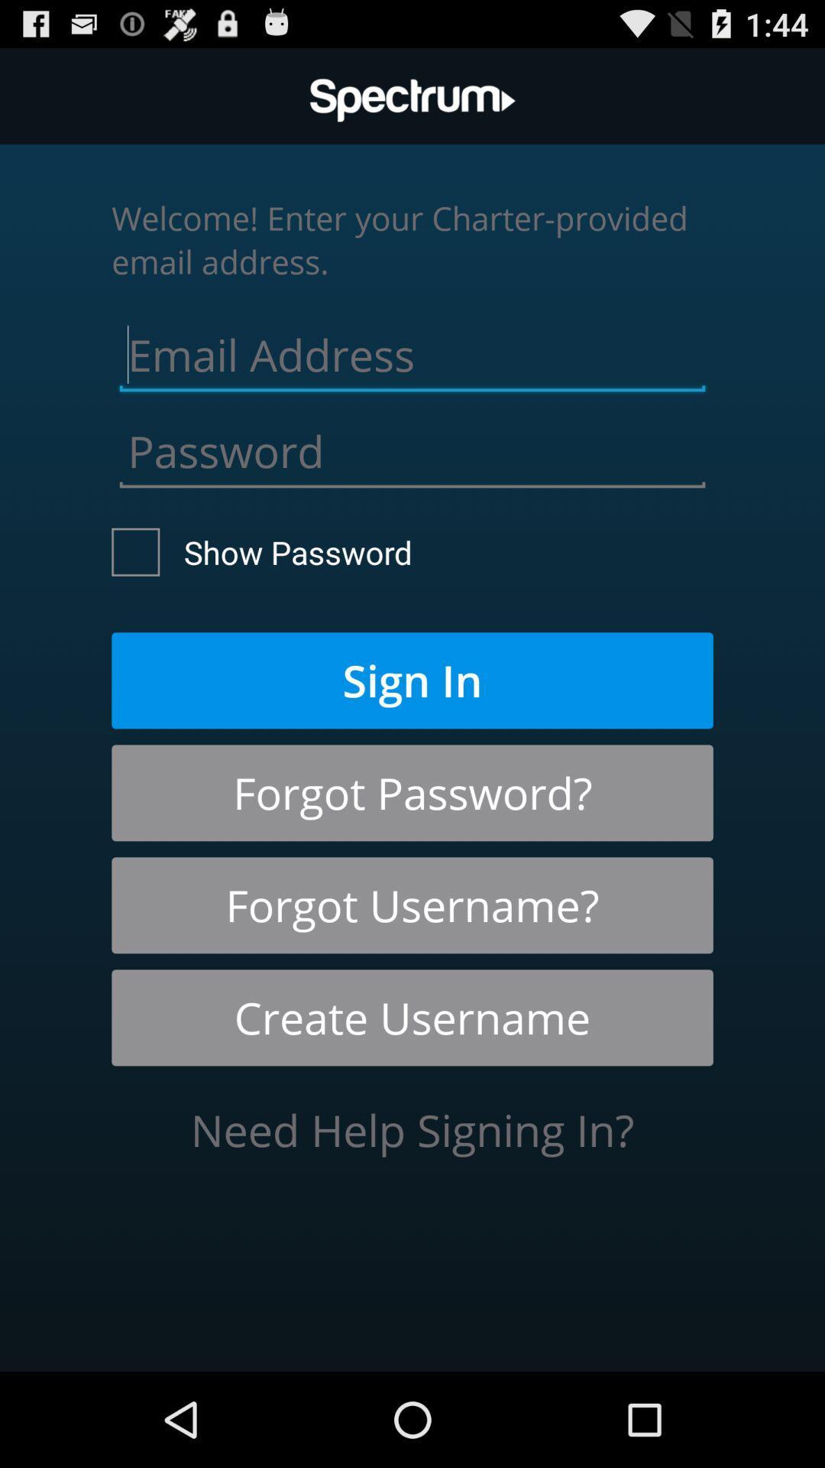 The image size is (825, 1468). What do you see at coordinates (412, 1130) in the screenshot?
I see `need help signing` at bounding box center [412, 1130].